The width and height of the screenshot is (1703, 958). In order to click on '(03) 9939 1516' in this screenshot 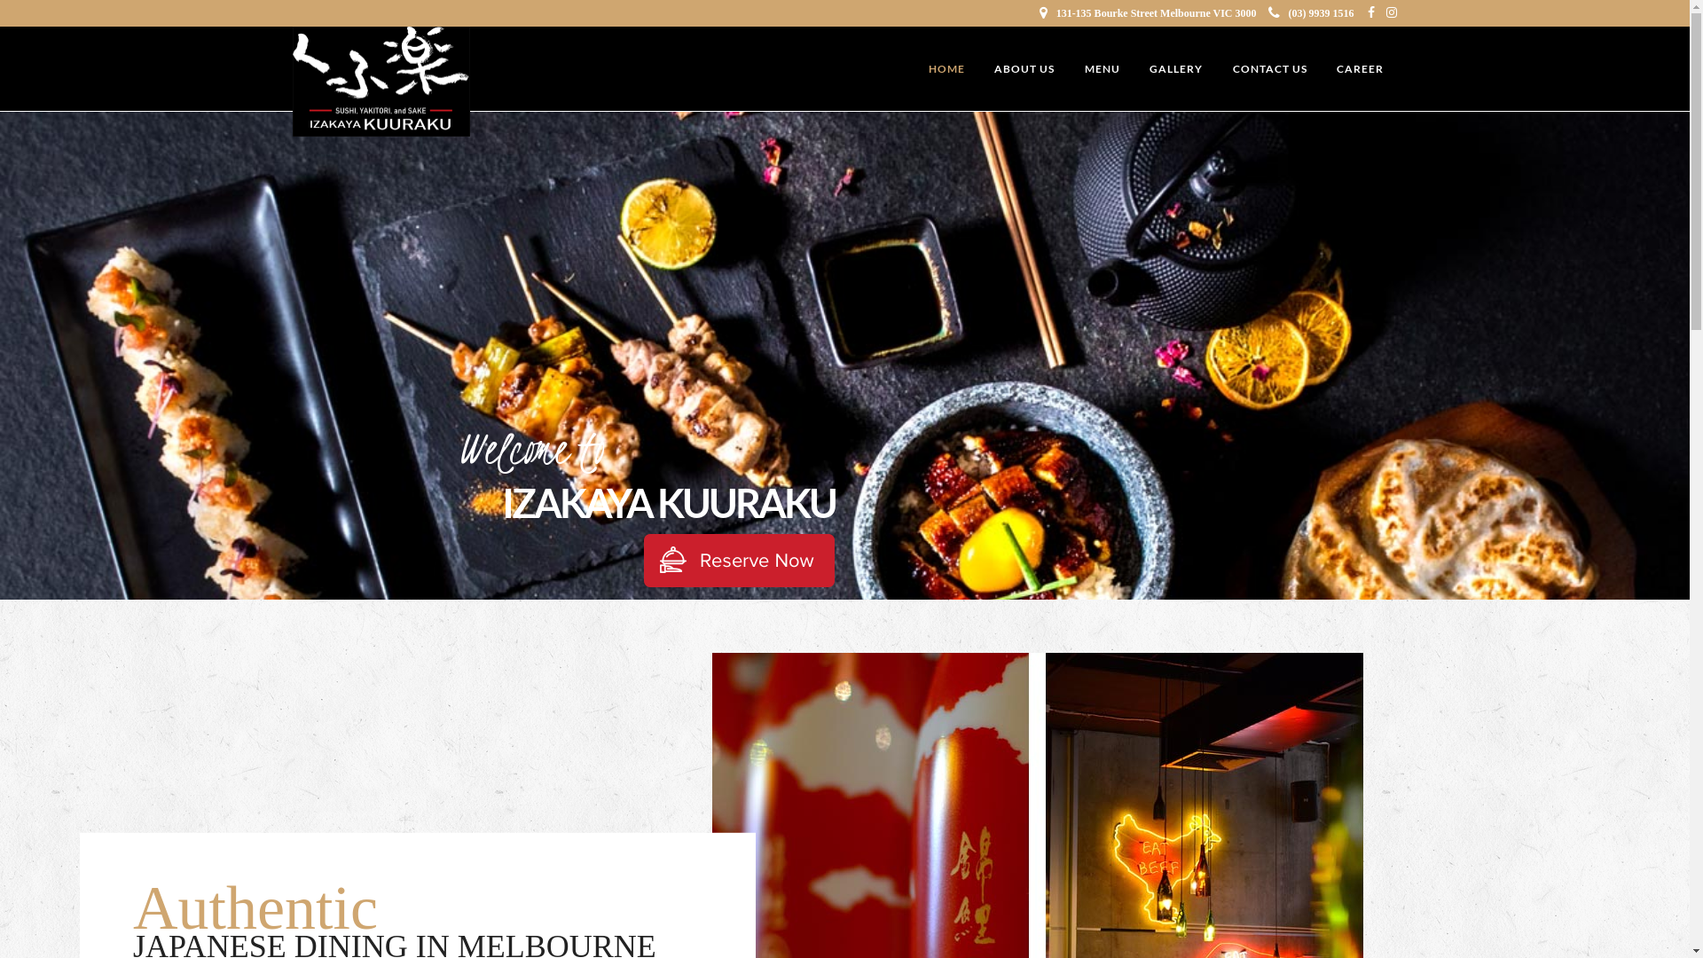, I will do `click(1311, 13)`.